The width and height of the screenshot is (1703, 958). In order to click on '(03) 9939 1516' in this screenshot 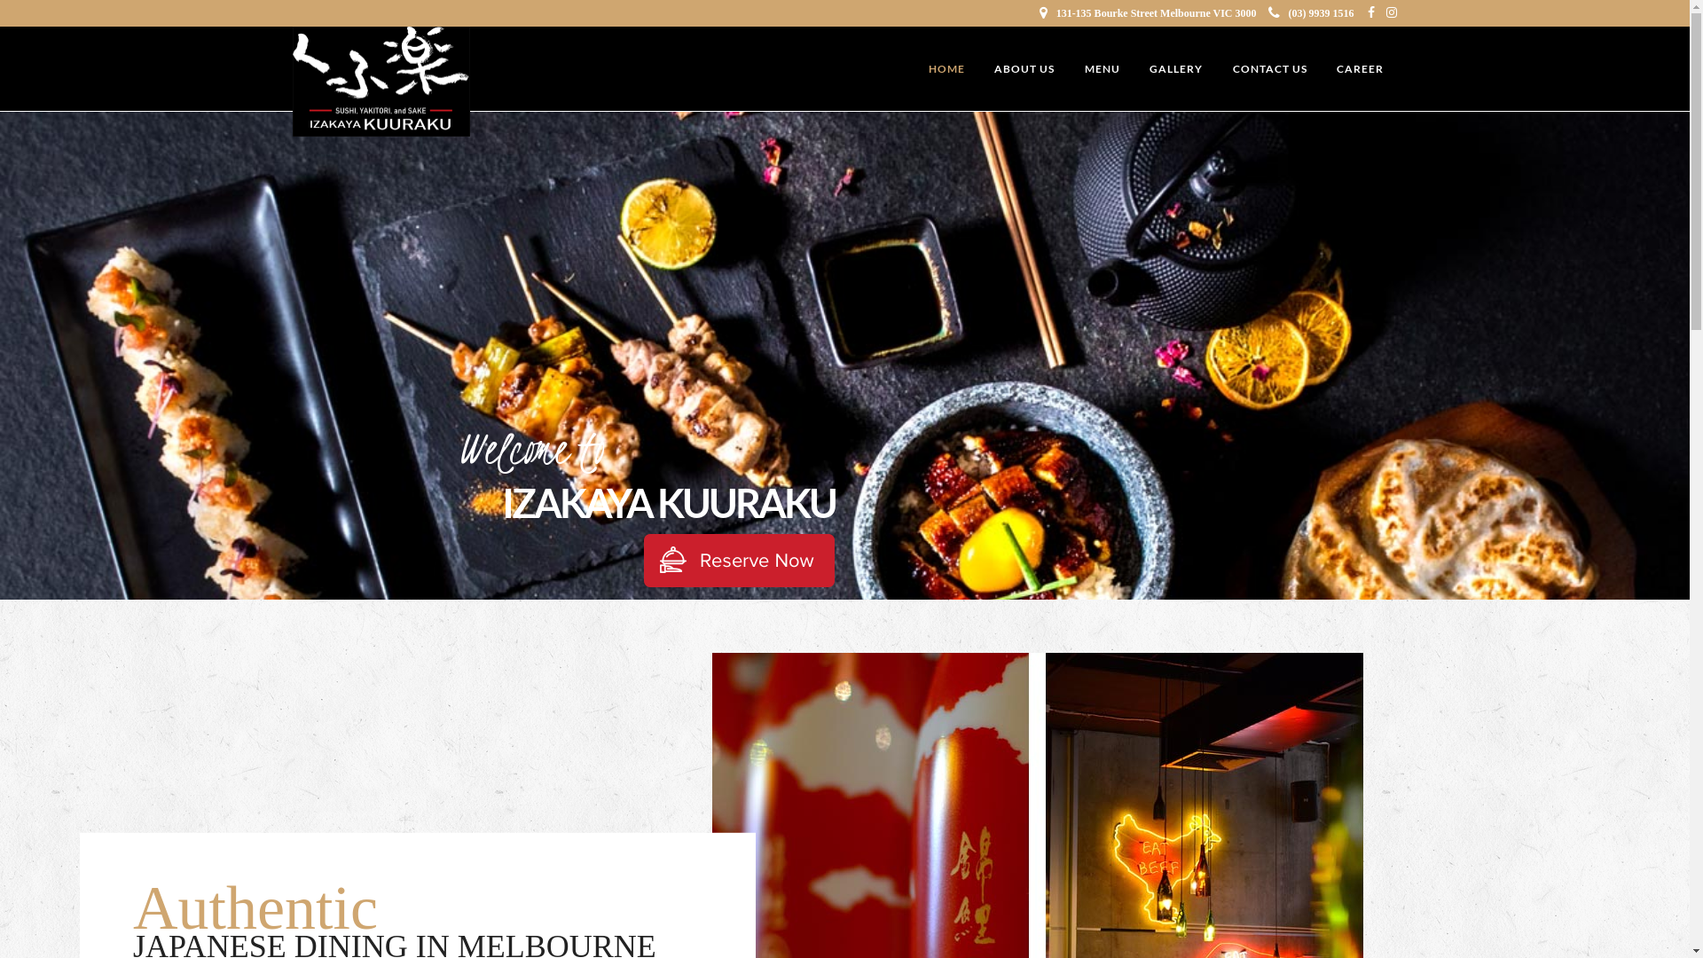, I will do `click(1311, 13)`.